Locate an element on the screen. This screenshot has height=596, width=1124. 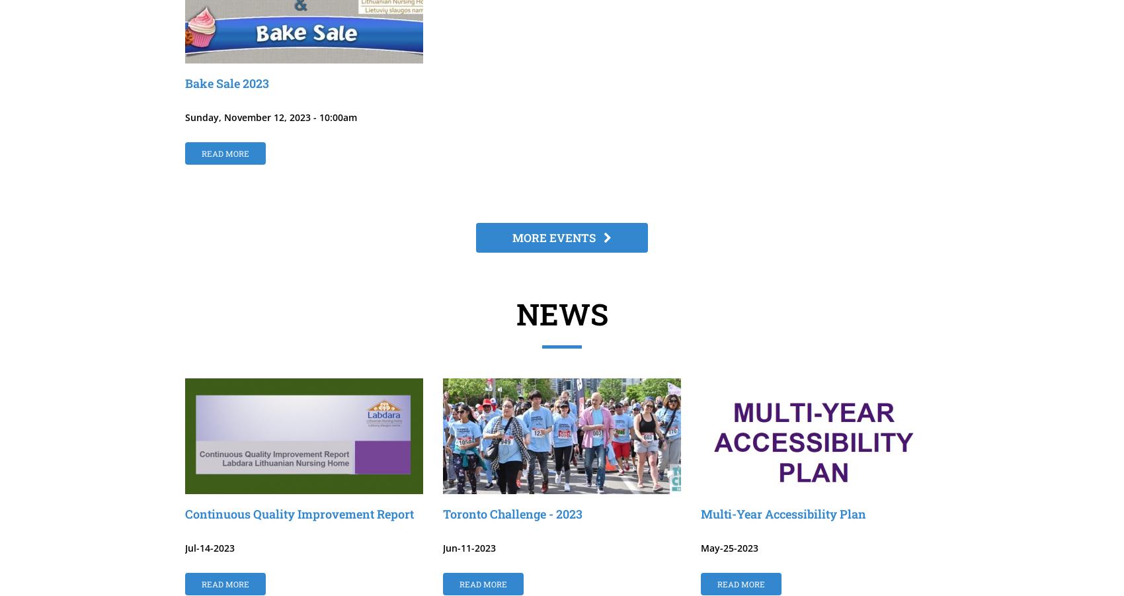
'Continuous Quality Improvement Report' is located at coordinates (300, 513).